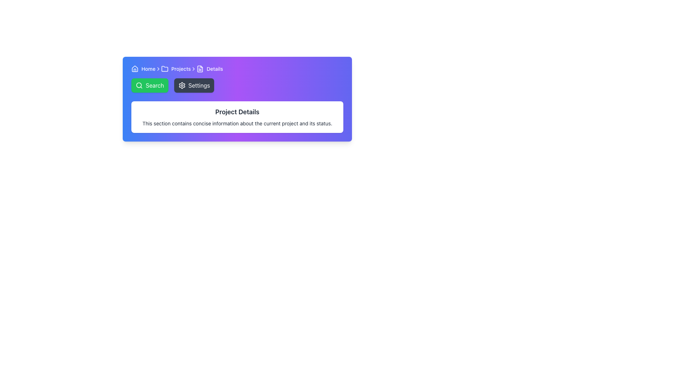 This screenshot has height=388, width=691. I want to click on the gear icon located to the right of the green 'Search' button in the toolbar area, so click(182, 85).